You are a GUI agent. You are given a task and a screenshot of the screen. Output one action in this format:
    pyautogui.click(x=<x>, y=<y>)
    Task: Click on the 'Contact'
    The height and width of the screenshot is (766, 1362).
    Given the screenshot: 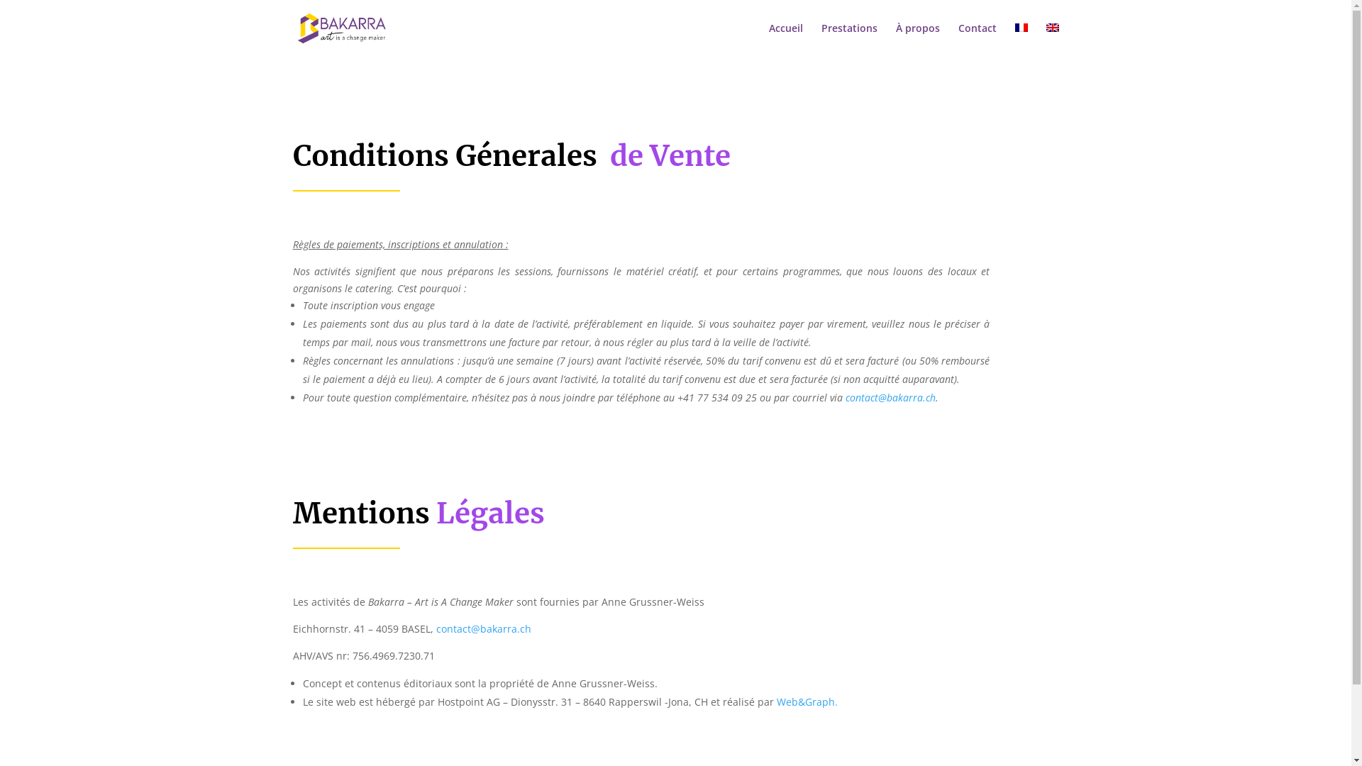 What is the action you would take?
    pyautogui.click(x=976, y=39)
    